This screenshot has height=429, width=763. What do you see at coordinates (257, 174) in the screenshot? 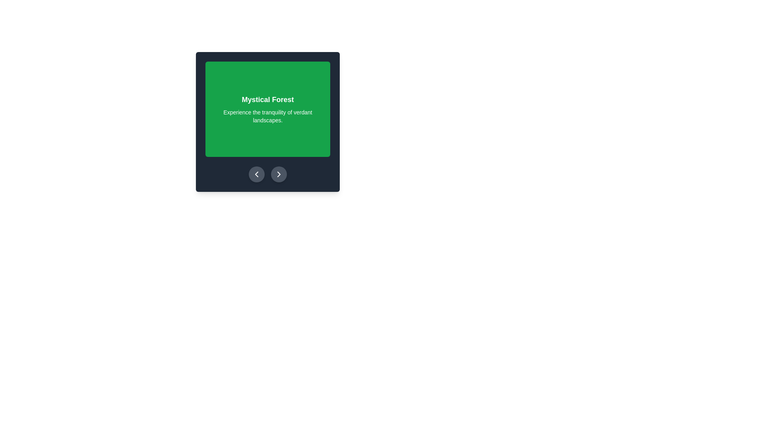
I see `the SVG icon embedded in the circular button located in the bottom-left corner of the rectangular area` at bounding box center [257, 174].